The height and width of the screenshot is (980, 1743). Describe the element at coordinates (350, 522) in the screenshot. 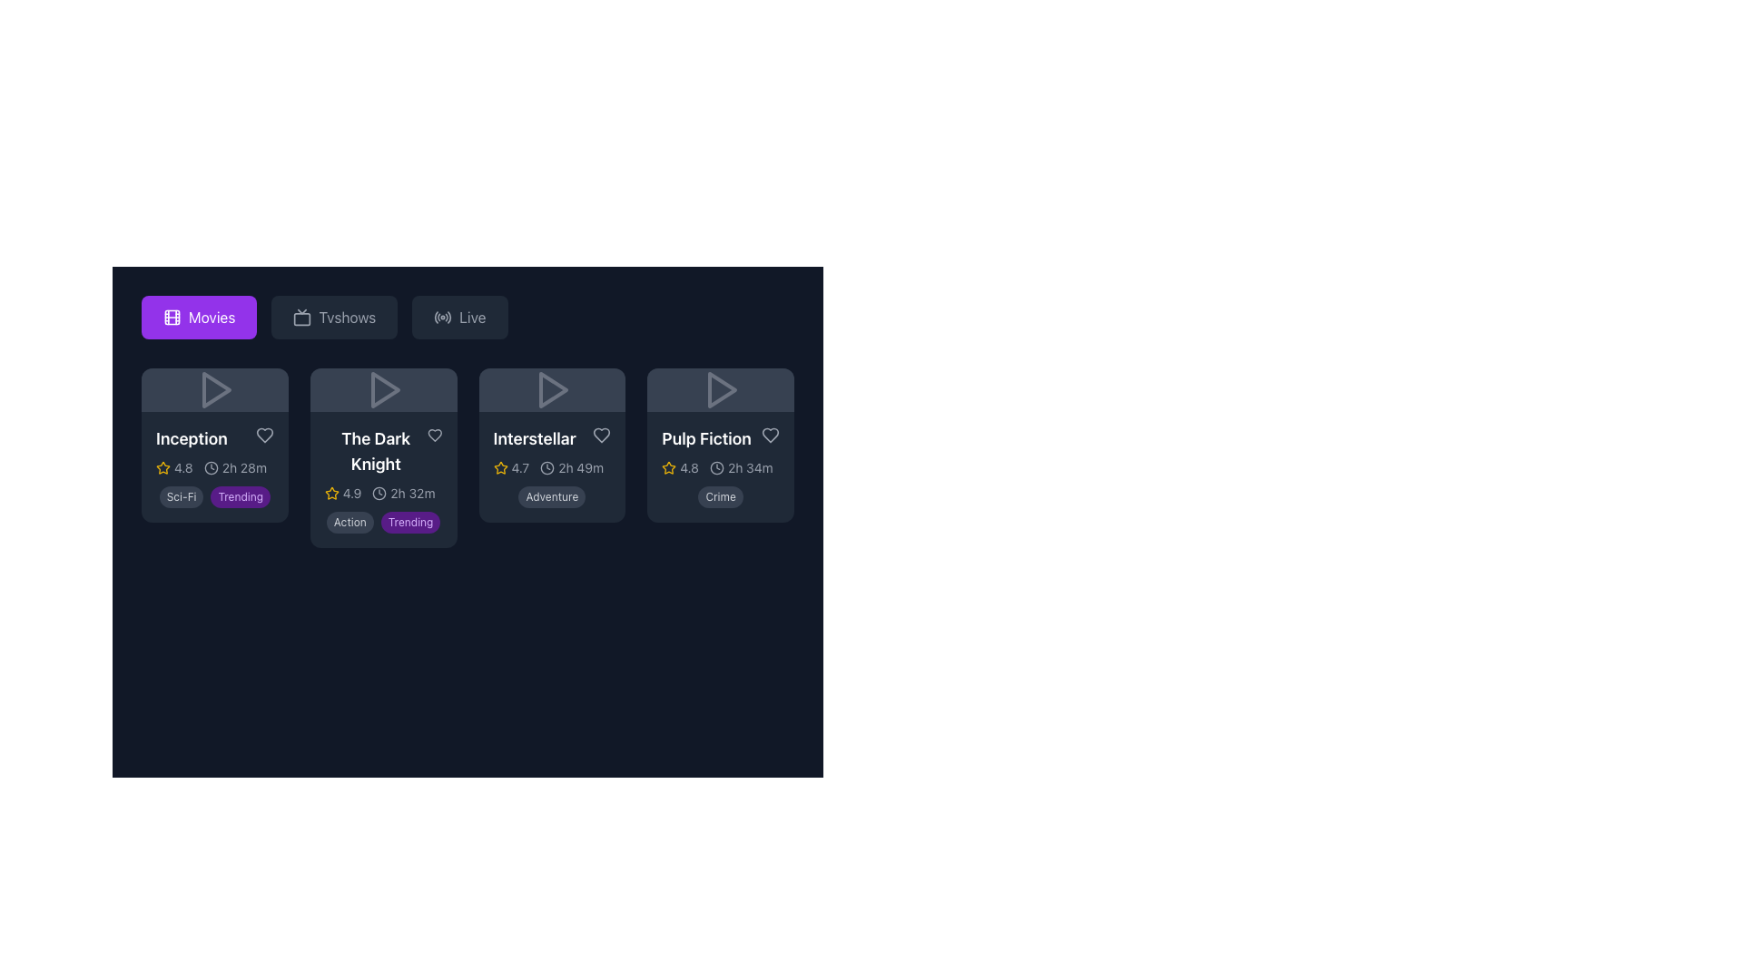

I see `the Badge element labeled 'Action' with a dark gray background` at that location.